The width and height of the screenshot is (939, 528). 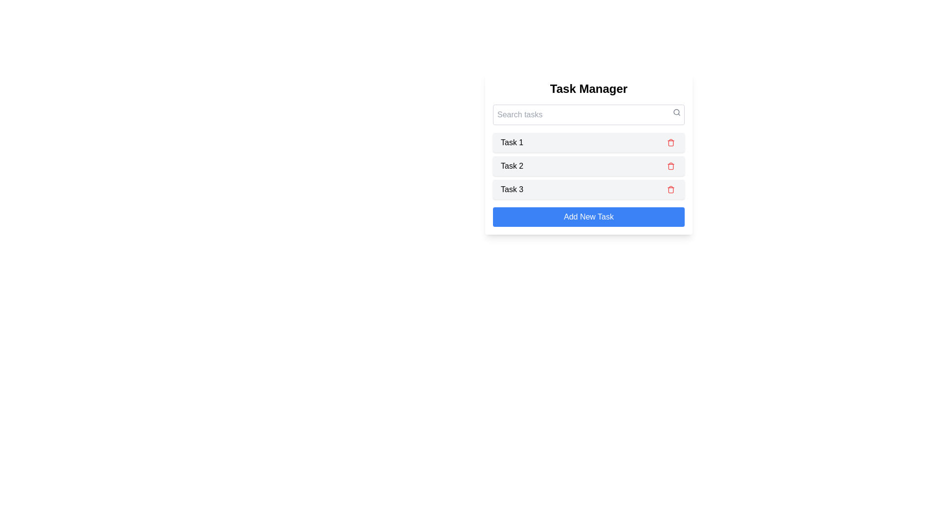 I want to click on the Task Manager title to select its text, so click(x=588, y=88).